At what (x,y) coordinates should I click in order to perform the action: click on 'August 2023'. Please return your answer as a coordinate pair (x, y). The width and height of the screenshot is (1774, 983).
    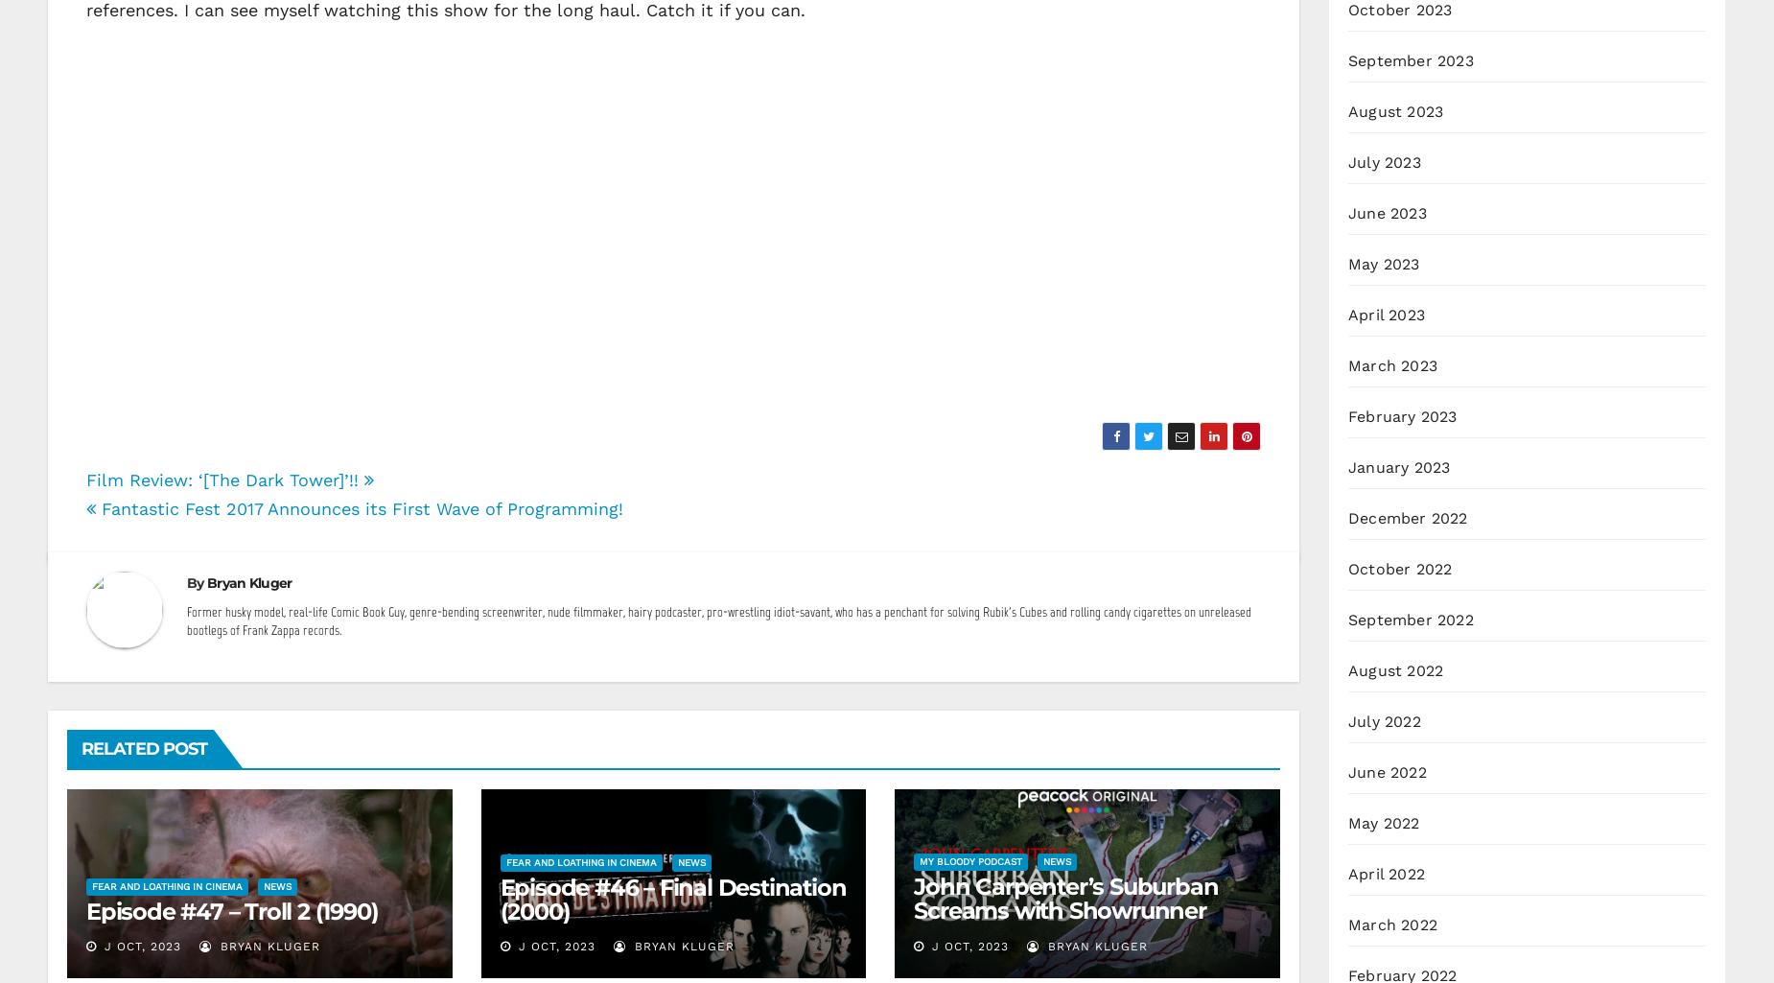
    Looking at the image, I should click on (1395, 111).